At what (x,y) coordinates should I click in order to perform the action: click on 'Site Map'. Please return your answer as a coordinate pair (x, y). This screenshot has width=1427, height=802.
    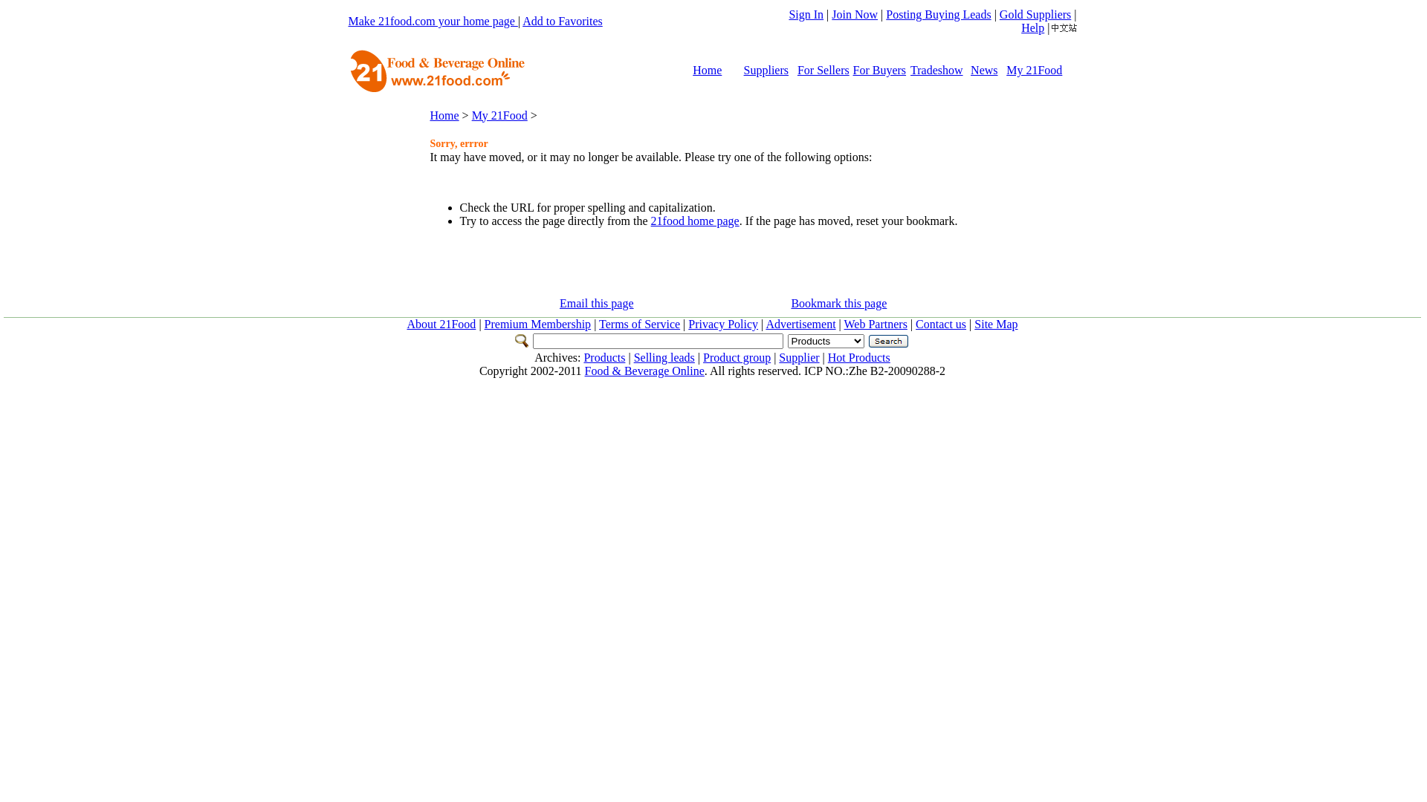
    Looking at the image, I should click on (995, 323).